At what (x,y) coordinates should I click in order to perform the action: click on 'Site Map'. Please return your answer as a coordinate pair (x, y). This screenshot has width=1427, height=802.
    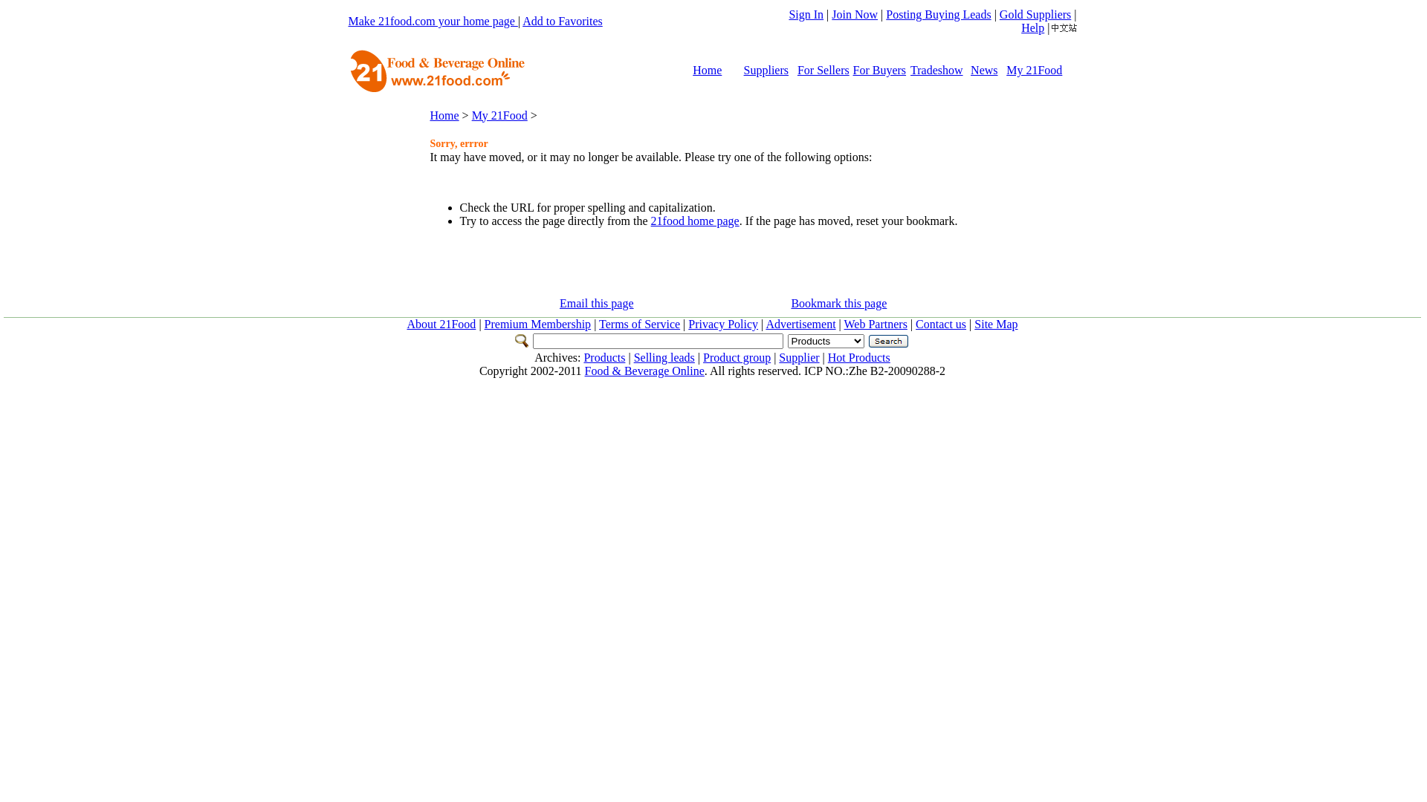
    Looking at the image, I should click on (995, 323).